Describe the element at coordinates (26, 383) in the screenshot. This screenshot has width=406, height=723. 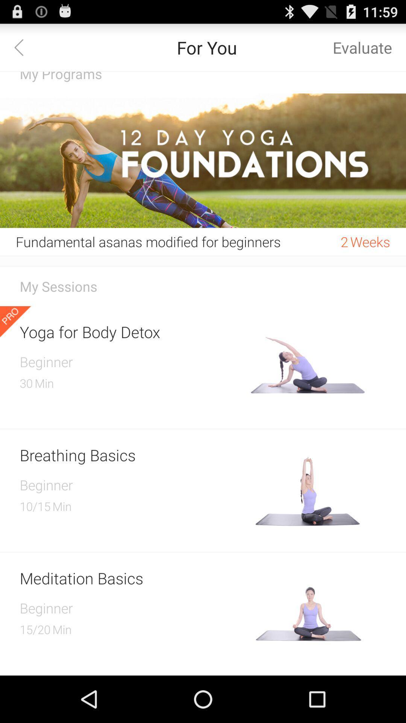
I see `the 30 item` at that location.